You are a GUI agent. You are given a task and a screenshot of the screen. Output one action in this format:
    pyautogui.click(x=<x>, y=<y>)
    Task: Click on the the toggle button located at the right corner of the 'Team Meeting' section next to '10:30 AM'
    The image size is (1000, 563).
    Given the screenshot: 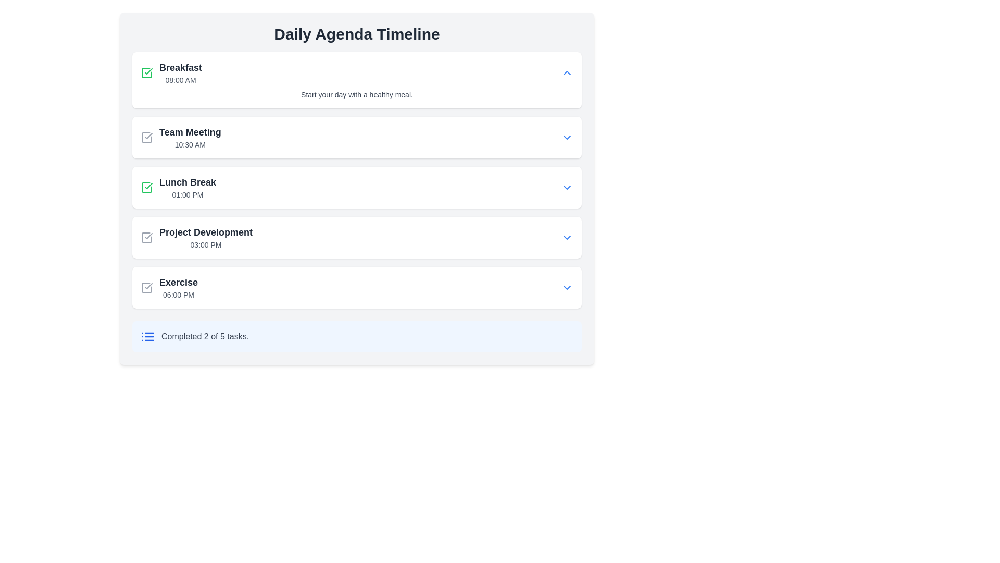 What is the action you would take?
    pyautogui.click(x=567, y=137)
    